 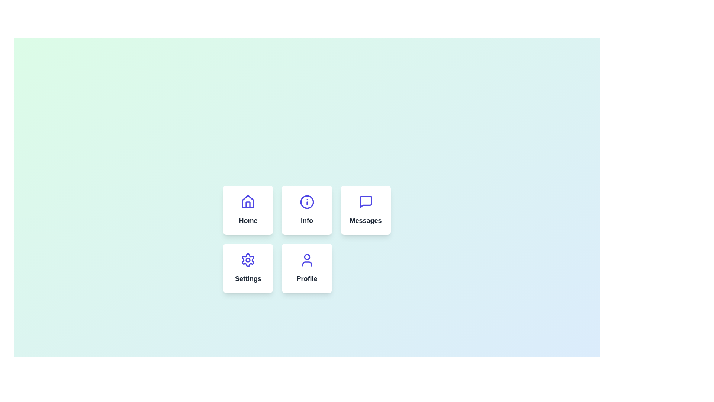 What do you see at coordinates (248, 259) in the screenshot?
I see `the blue gear-shaped icon located within the 'Settings' card, which is in the middle row, first column of a 2x3 grid` at bounding box center [248, 259].